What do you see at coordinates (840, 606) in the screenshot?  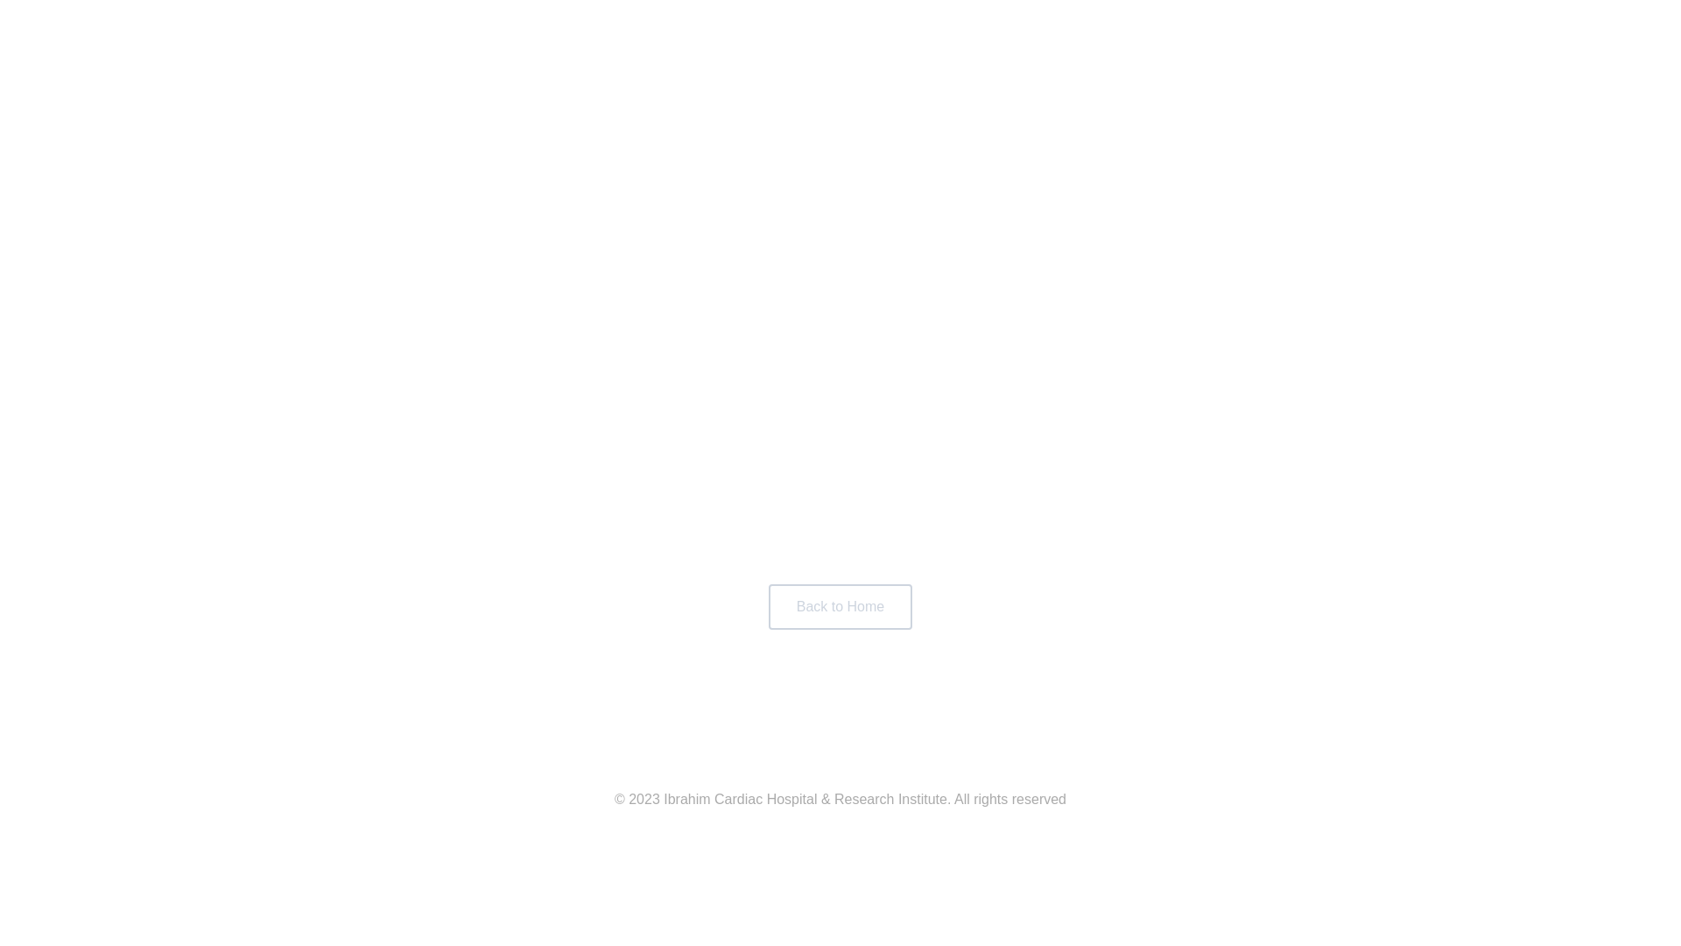 I see `'Back to Home'` at bounding box center [840, 606].